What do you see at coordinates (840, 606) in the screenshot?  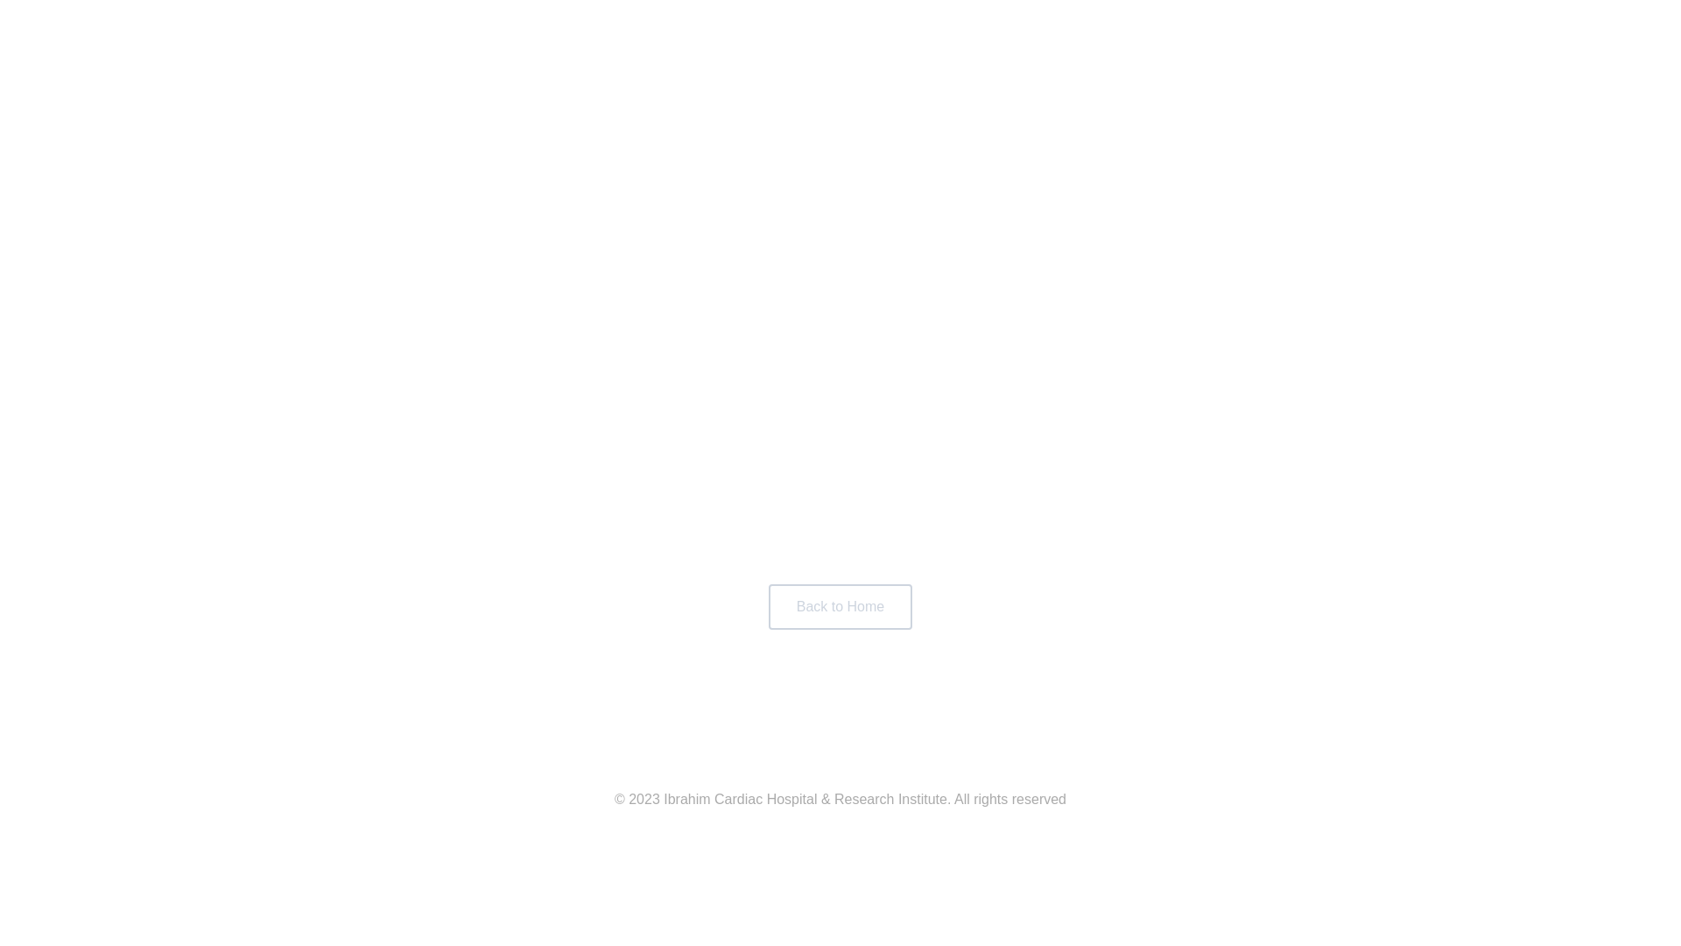 I see `'Back to Home'` at bounding box center [840, 606].